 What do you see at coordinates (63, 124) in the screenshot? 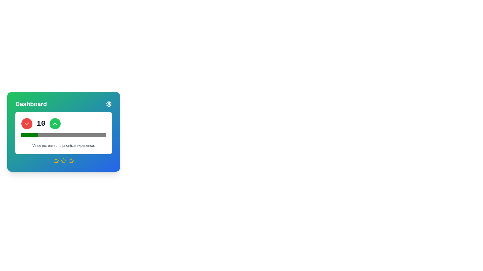
I see `the displayed number '10' on the Number adjustment control panel, which features a red downward-facing chevron button on the left and a green upward-facing chevron button on the right` at bounding box center [63, 124].